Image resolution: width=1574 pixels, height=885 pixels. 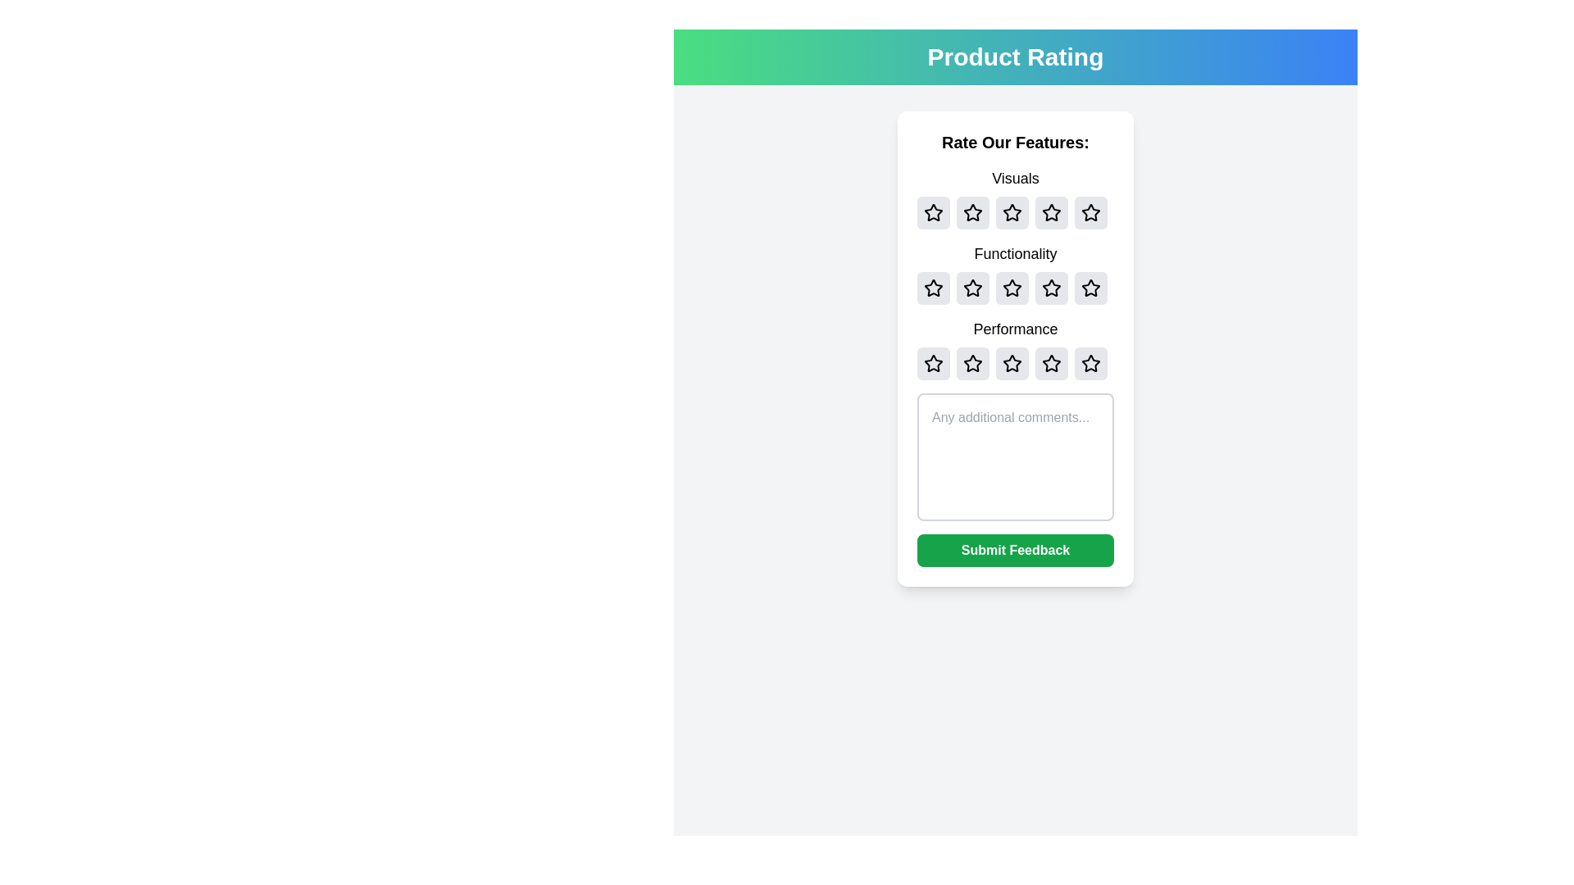 I want to click on the fourth star icon in the 'Functionality' row of the star rating options, so click(x=1051, y=287).